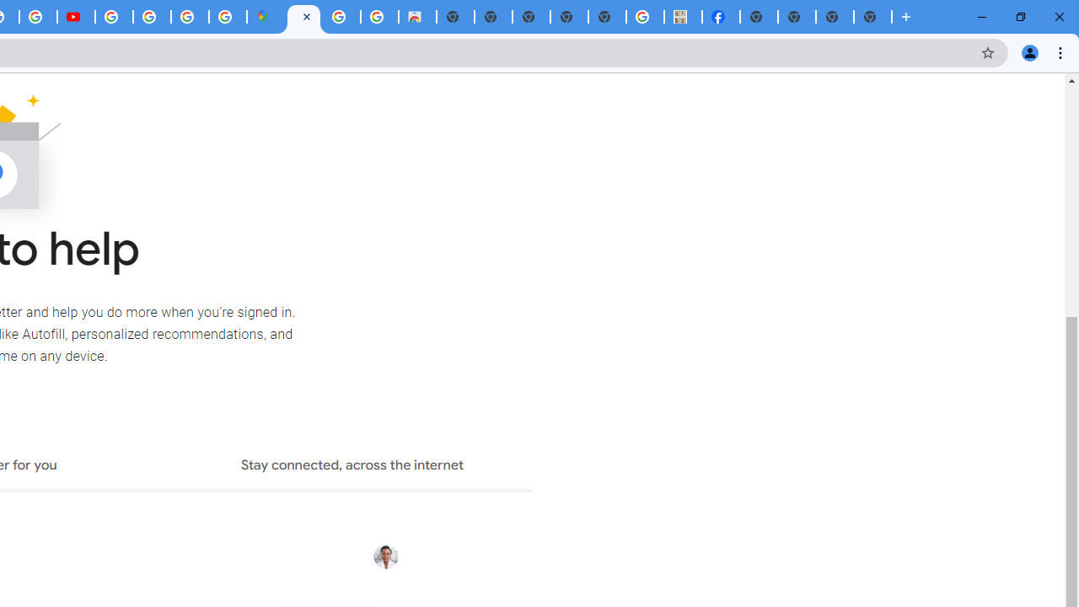 This screenshot has width=1079, height=607. I want to click on 'How Chrome protects your passwords - Google Chrome Help', so click(113, 17).